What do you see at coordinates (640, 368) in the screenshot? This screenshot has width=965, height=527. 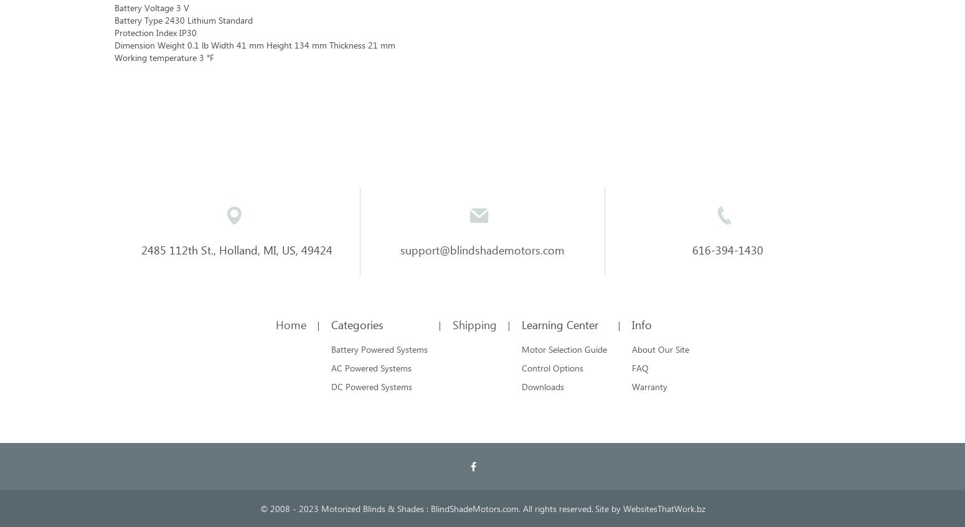 I see `'FAQ'` at bounding box center [640, 368].